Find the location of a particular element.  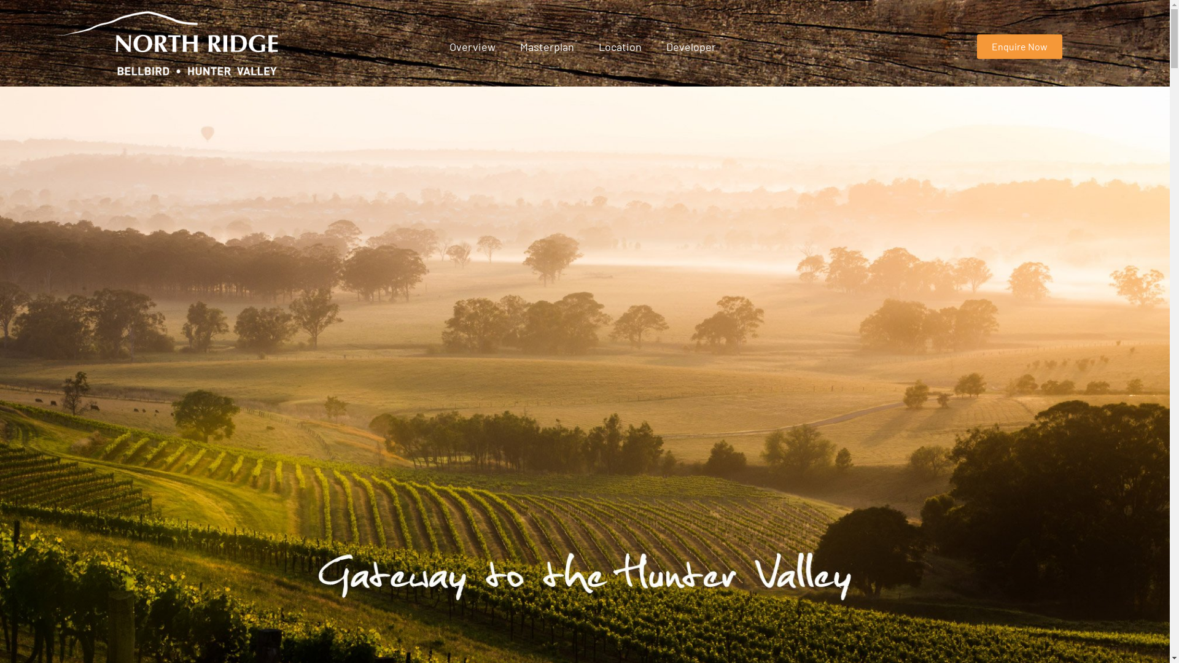

'Location' is located at coordinates (620, 46).